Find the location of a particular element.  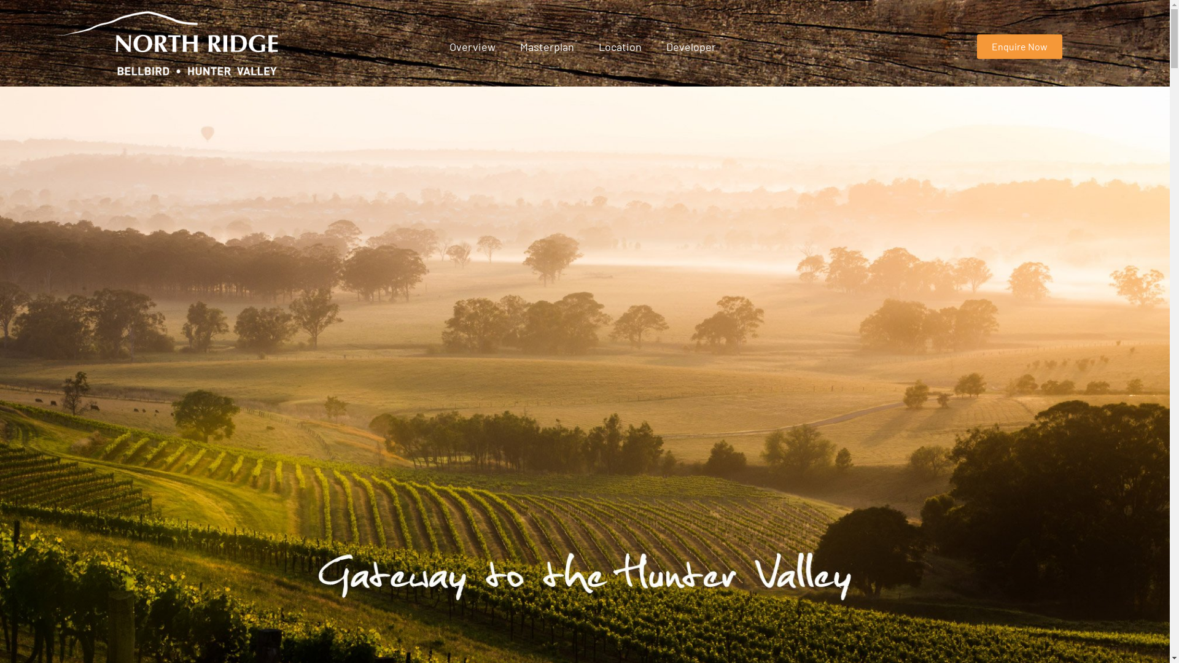

'Location' is located at coordinates (620, 46).